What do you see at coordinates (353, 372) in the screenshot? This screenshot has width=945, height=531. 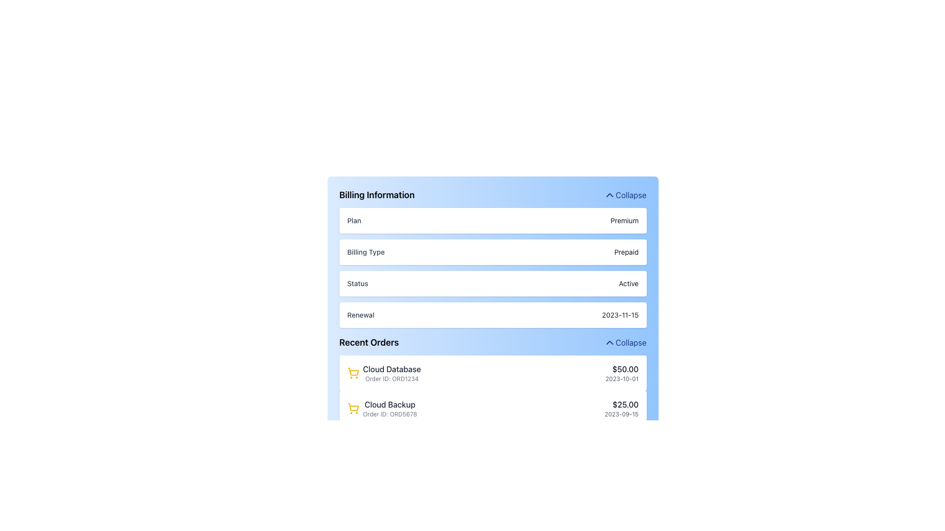 I see `the central geometric shape of the yellow shopping cart icon located next to the Cloud Backup product information under the Recent Orders section` at bounding box center [353, 372].